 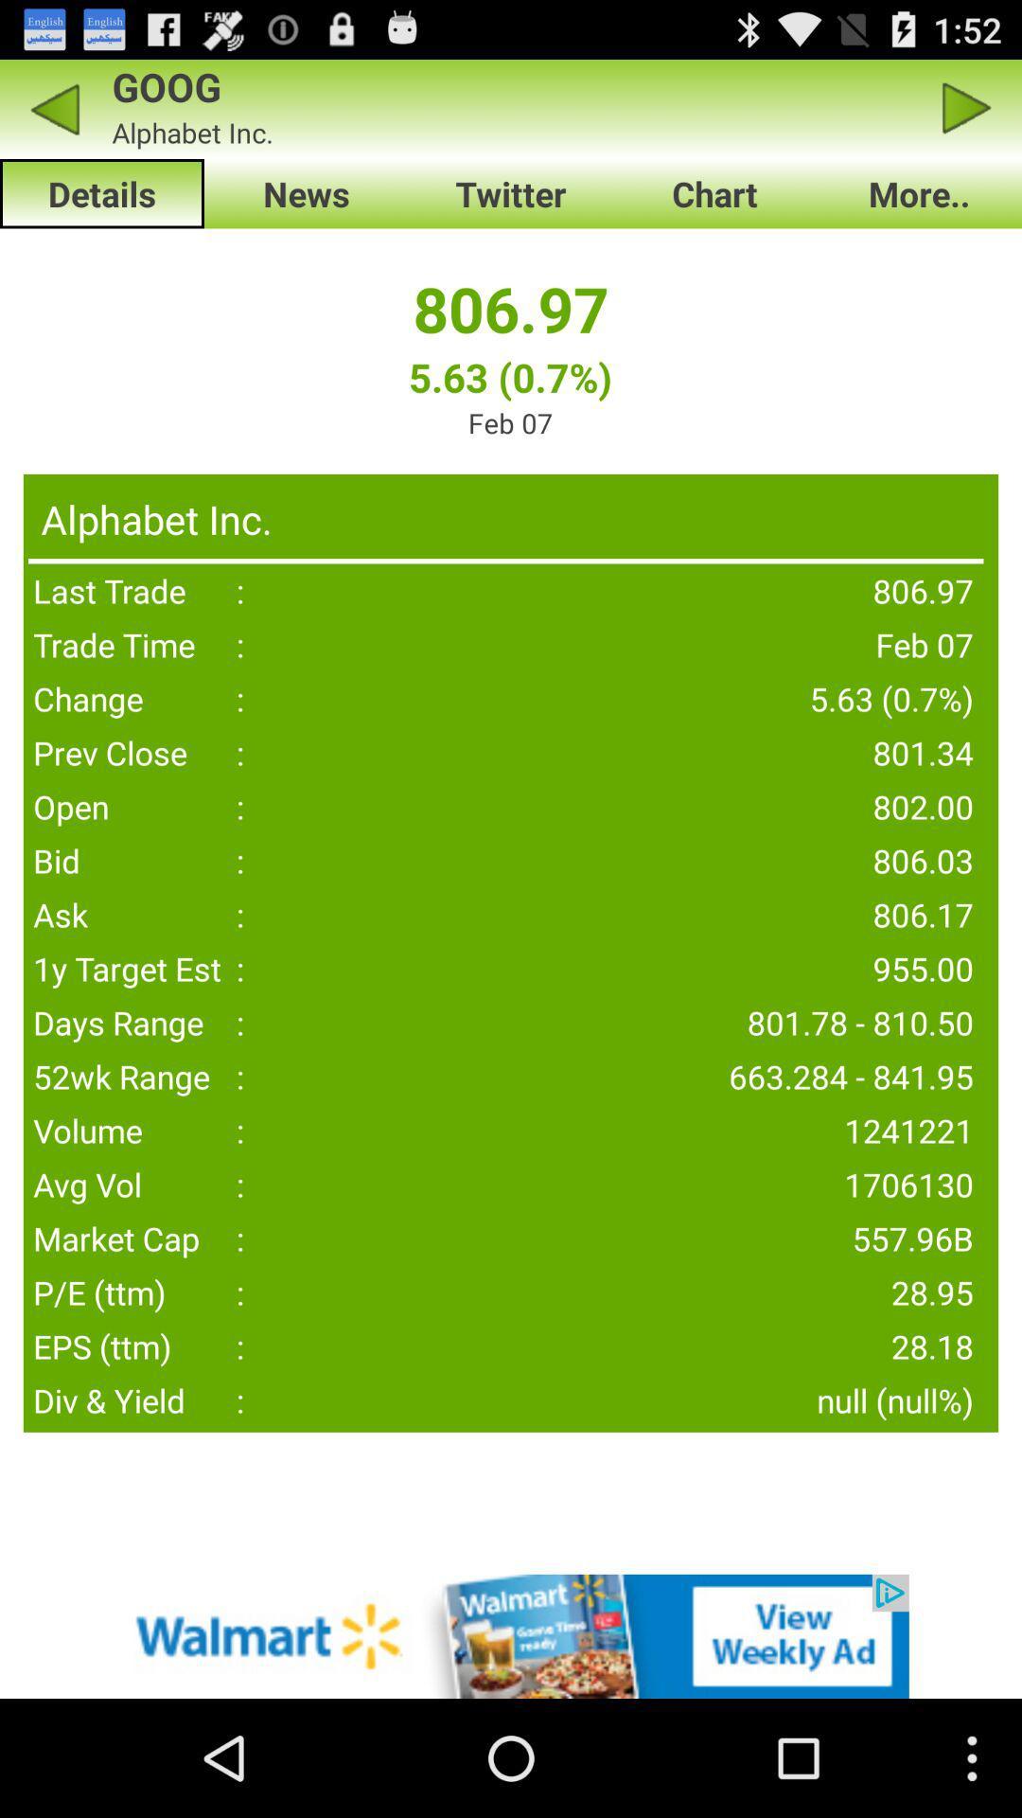 What do you see at coordinates (511, 1635) in the screenshot?
I see `click on advertisements` at bounding box center [511, 1635].